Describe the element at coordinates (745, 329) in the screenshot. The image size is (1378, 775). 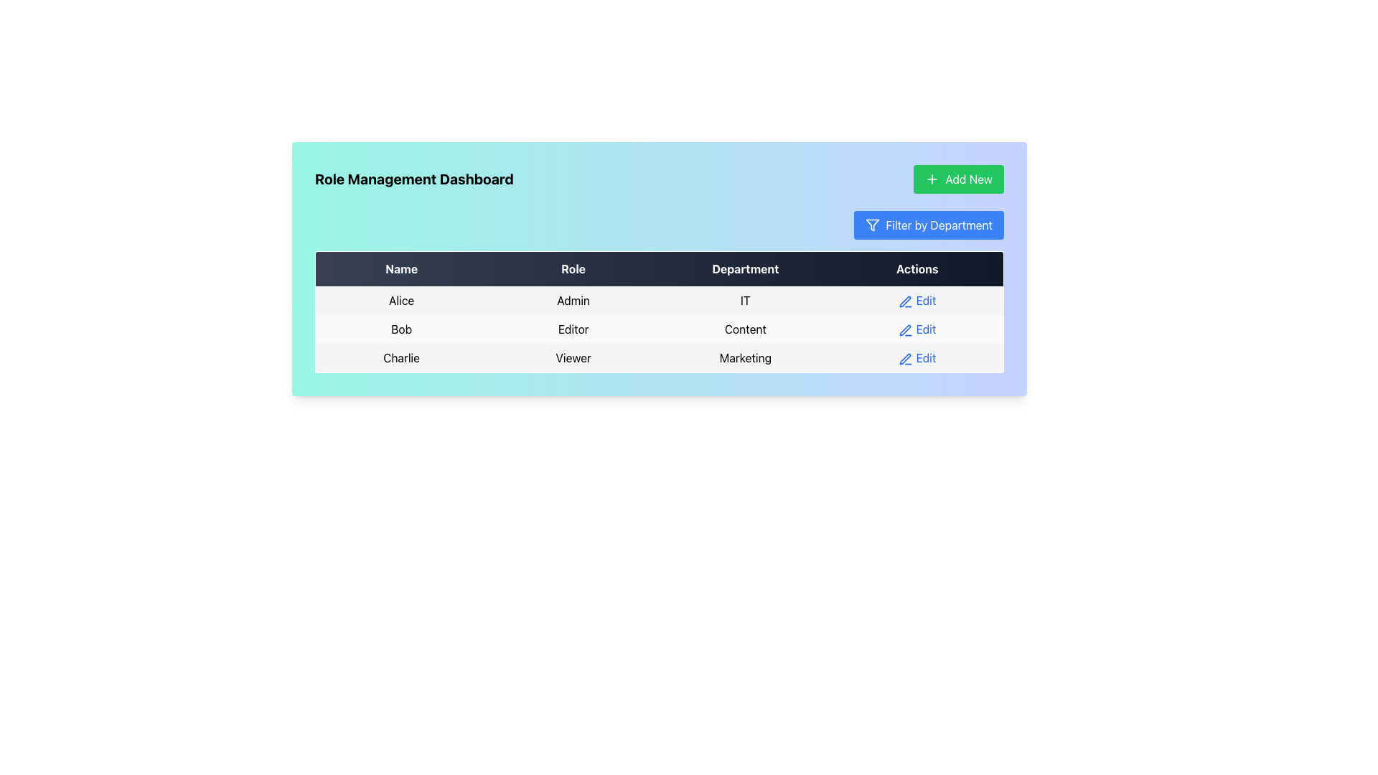
I see `text label displaying the department associated with the user 'Bob', which is located in the third column under the 'Department' header` at that location.